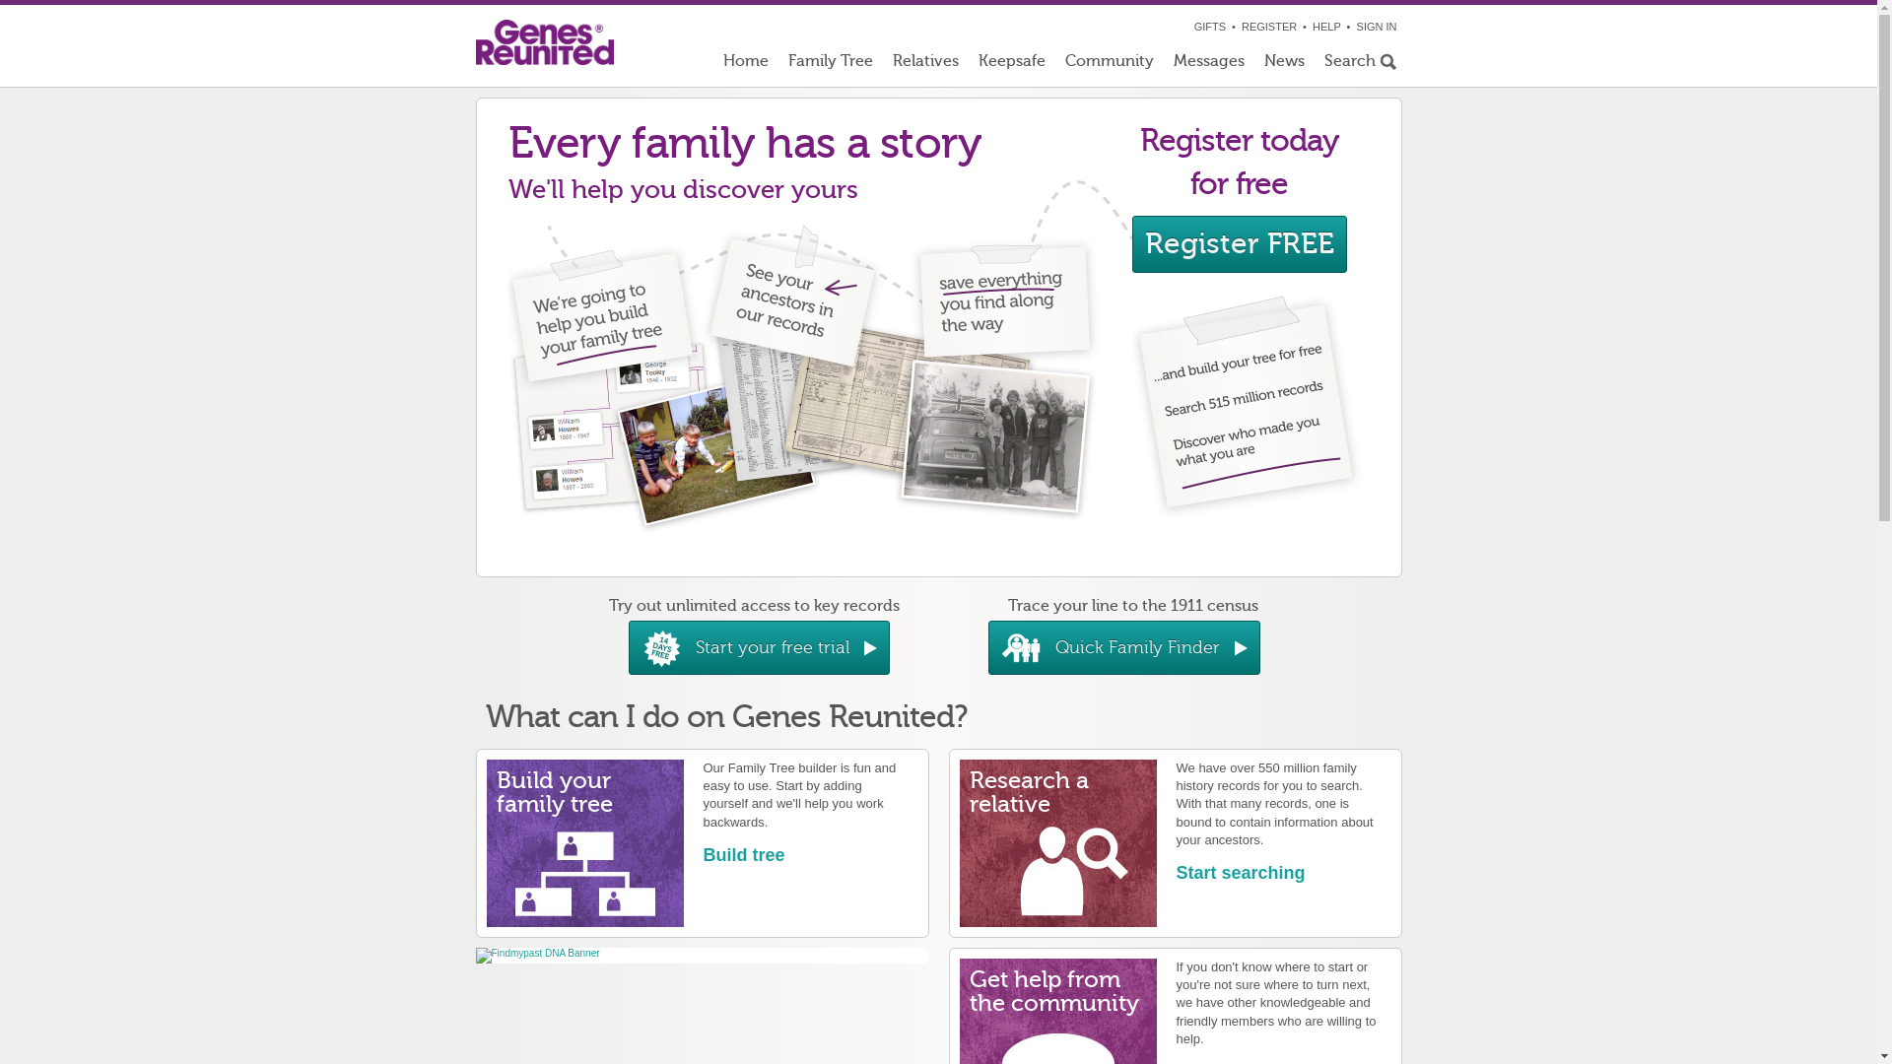 This screenshot has height=1064, width=1892. I want to click on 'Keepsafe', so click(1011, 64).